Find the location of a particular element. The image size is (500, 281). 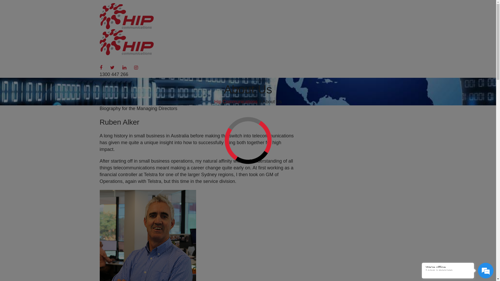

'facebook' is located at coordinates (101, 67).